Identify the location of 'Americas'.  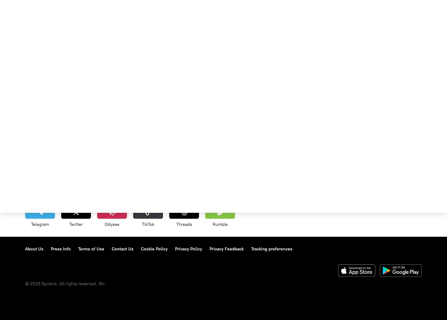
(148, 192).